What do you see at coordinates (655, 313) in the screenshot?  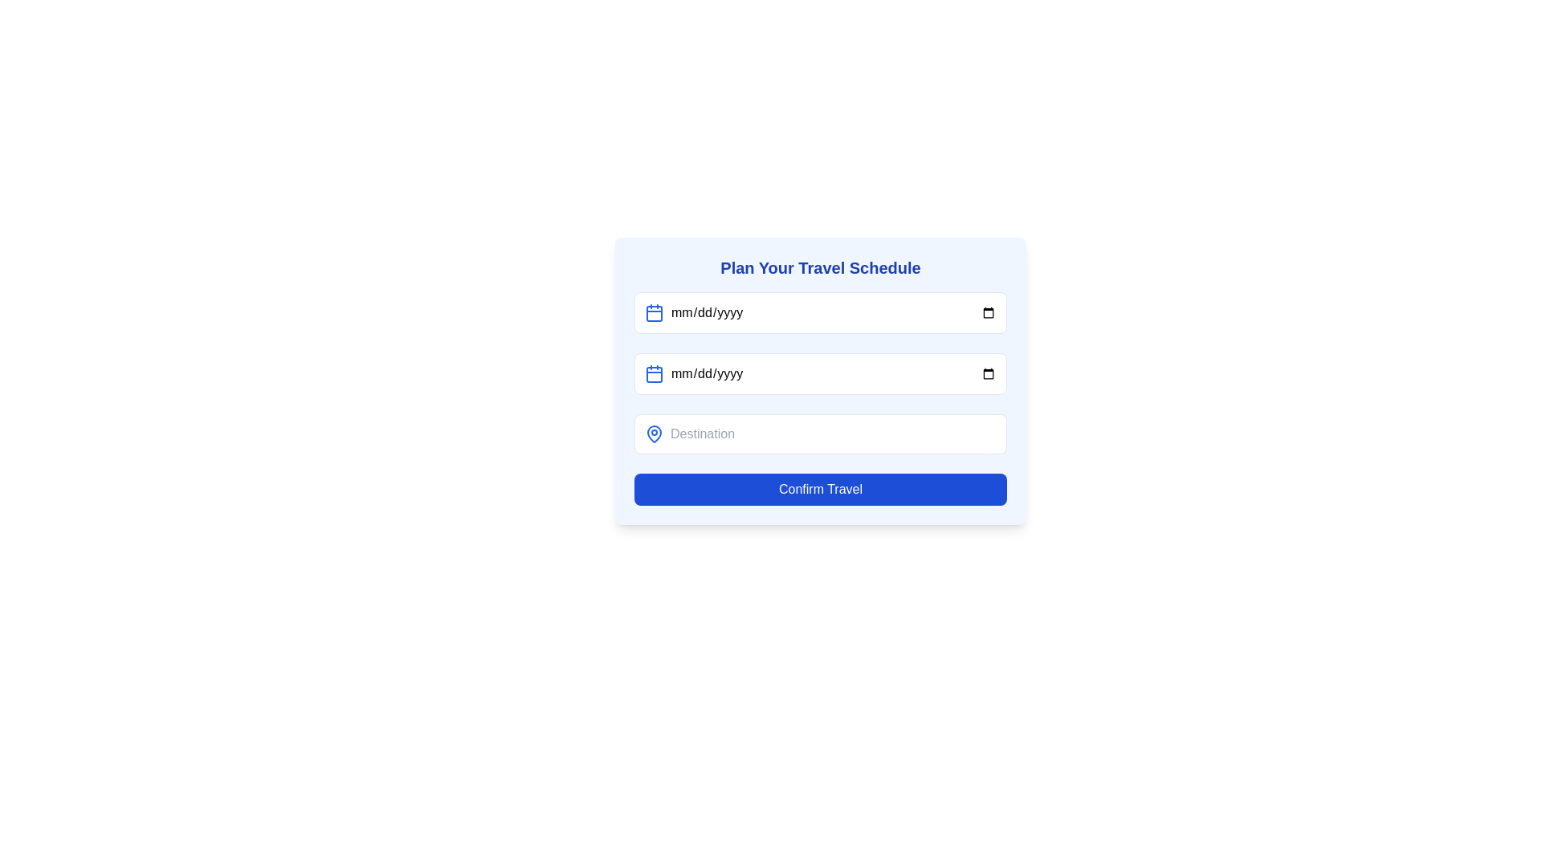 I see `the calendar icon with a blue outline, located to the left of the first input field in the form` at bounding box center [655, 313].